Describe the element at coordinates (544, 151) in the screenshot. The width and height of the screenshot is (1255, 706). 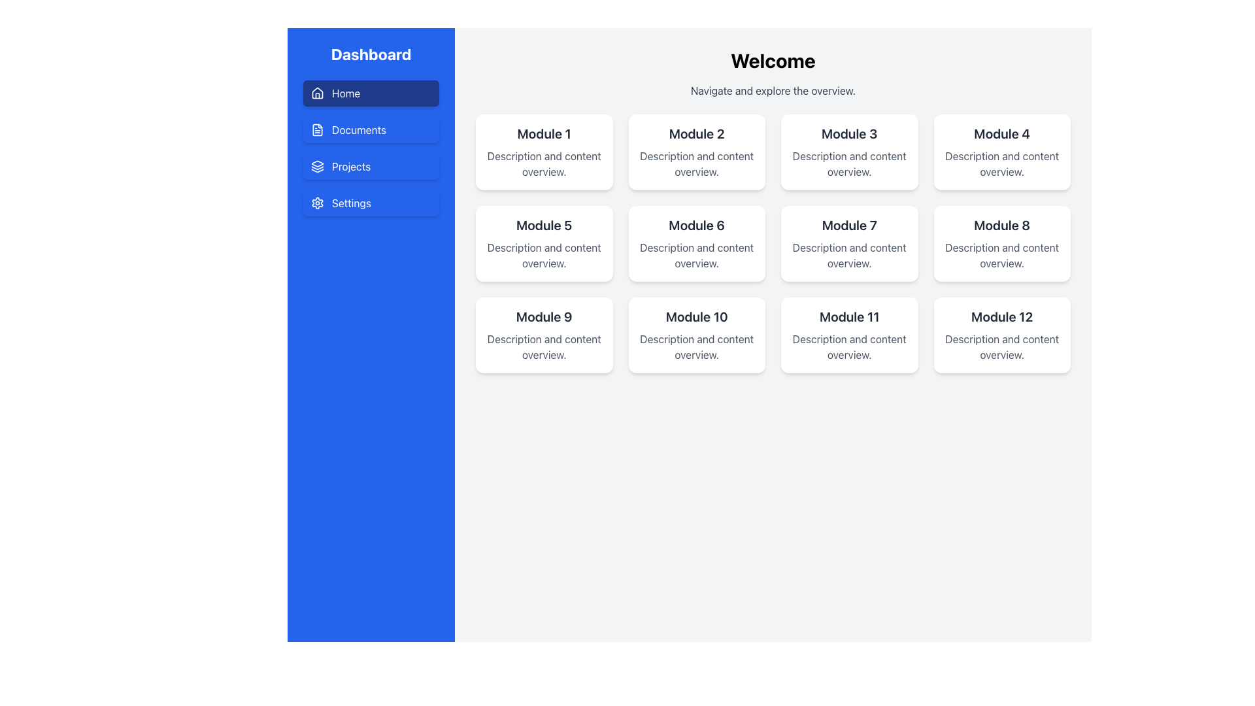
I see `the white rounded rectangular card labeled 'Module 1' that contains the text 'Description and content overview', located in the top-left corner of the grid layout` at that location.